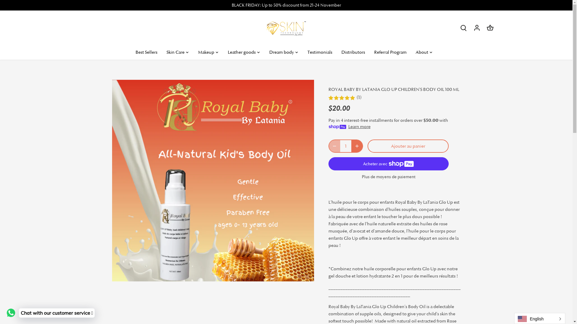 This screenshot has height=324, width=577. Describe the element at coordinates (161, 52) in the screenshot. I see `'Skin Care'` at that location.